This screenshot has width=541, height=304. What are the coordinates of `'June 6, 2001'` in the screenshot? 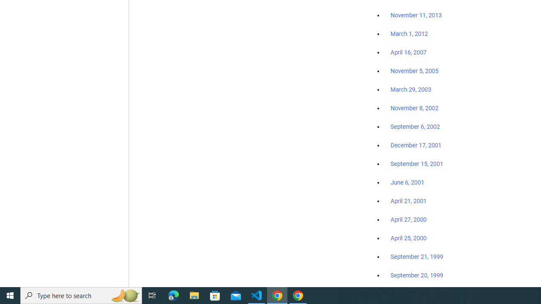 It's located at (407, 182).